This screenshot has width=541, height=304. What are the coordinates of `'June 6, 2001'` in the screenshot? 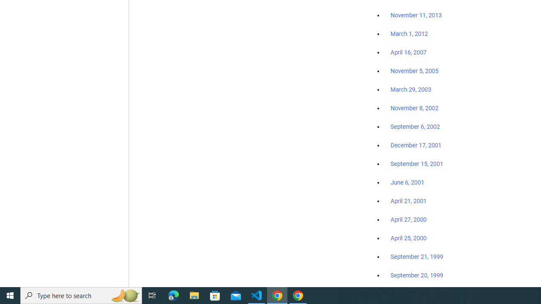 It's located at (407, 182).